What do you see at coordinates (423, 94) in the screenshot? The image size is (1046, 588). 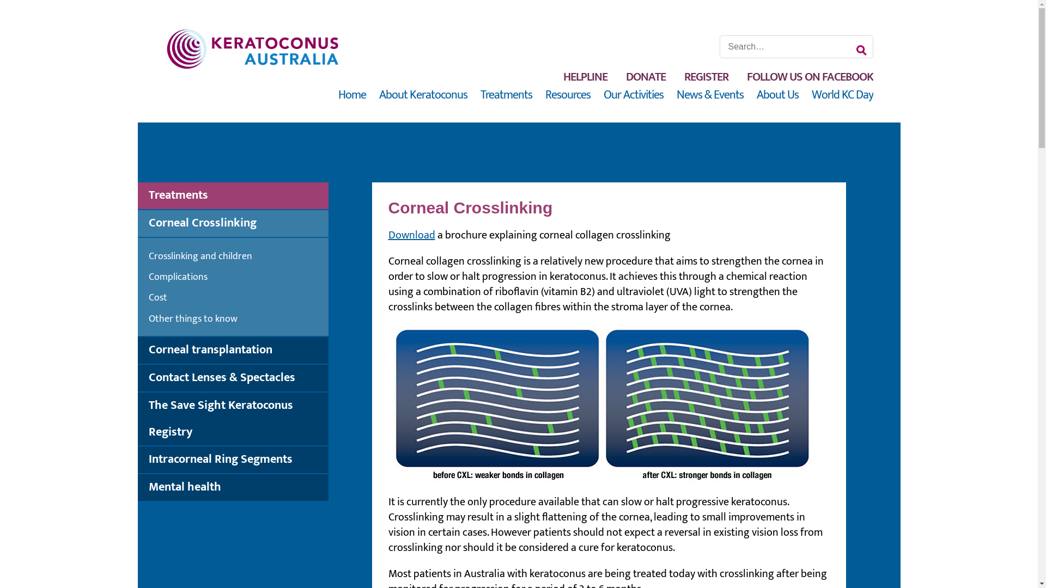 I see `'About Keratoconus'` at bounding box center [423, 94].